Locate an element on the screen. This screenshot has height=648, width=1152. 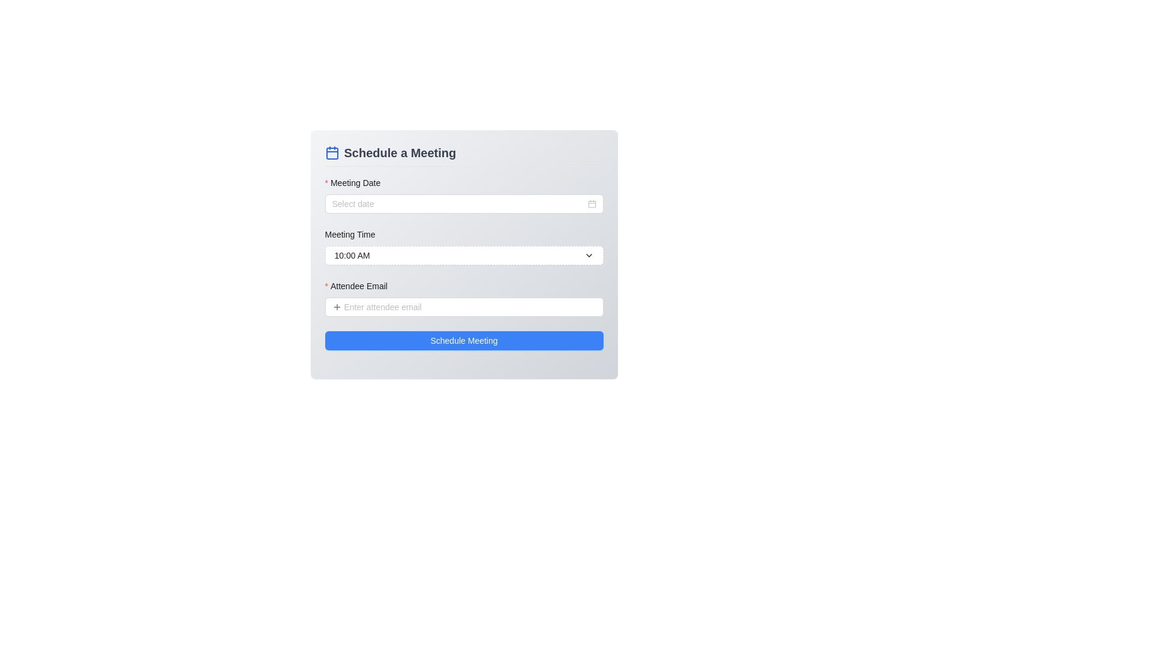
the 'Meeting Time' input field in the 'Schedule a Meeting' form section, which is centrally positioned and allows selection of time options is located at coordinates (463, 254).